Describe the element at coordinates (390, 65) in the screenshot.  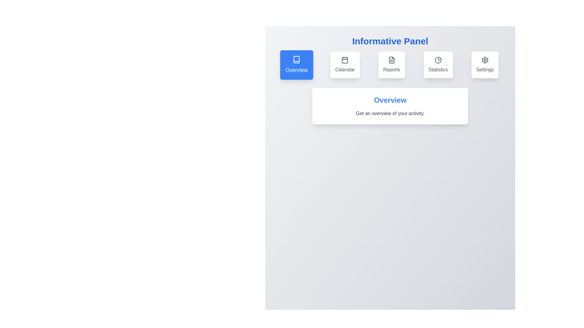
I see `the 'Reports' navigation button in the horizontal menu` at that location.